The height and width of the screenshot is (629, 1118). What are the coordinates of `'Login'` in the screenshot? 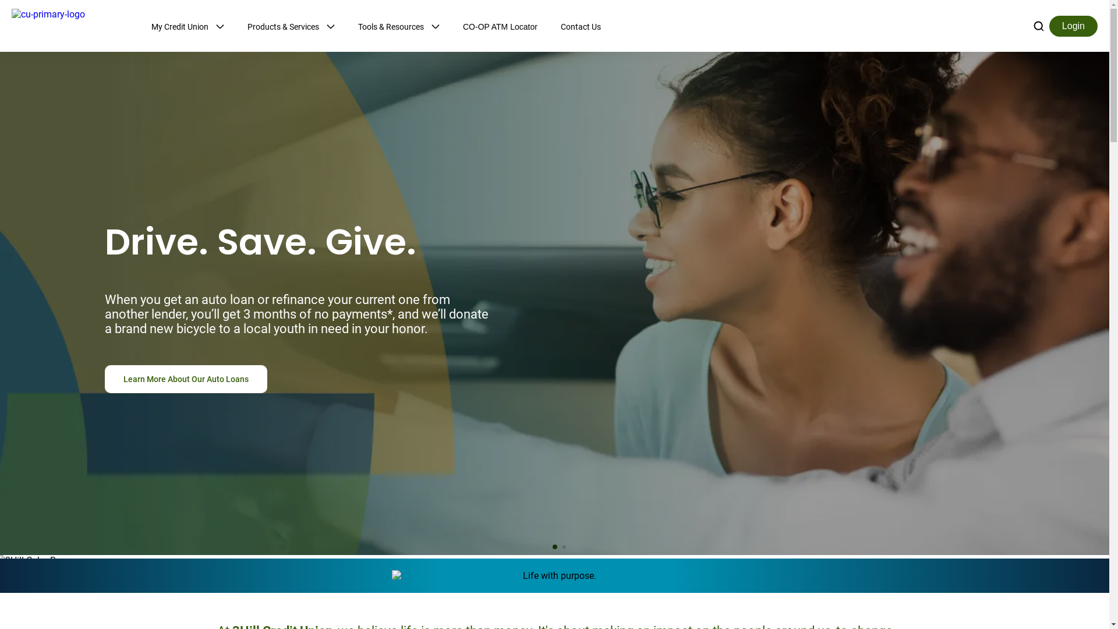 It's located at (1073, 25).